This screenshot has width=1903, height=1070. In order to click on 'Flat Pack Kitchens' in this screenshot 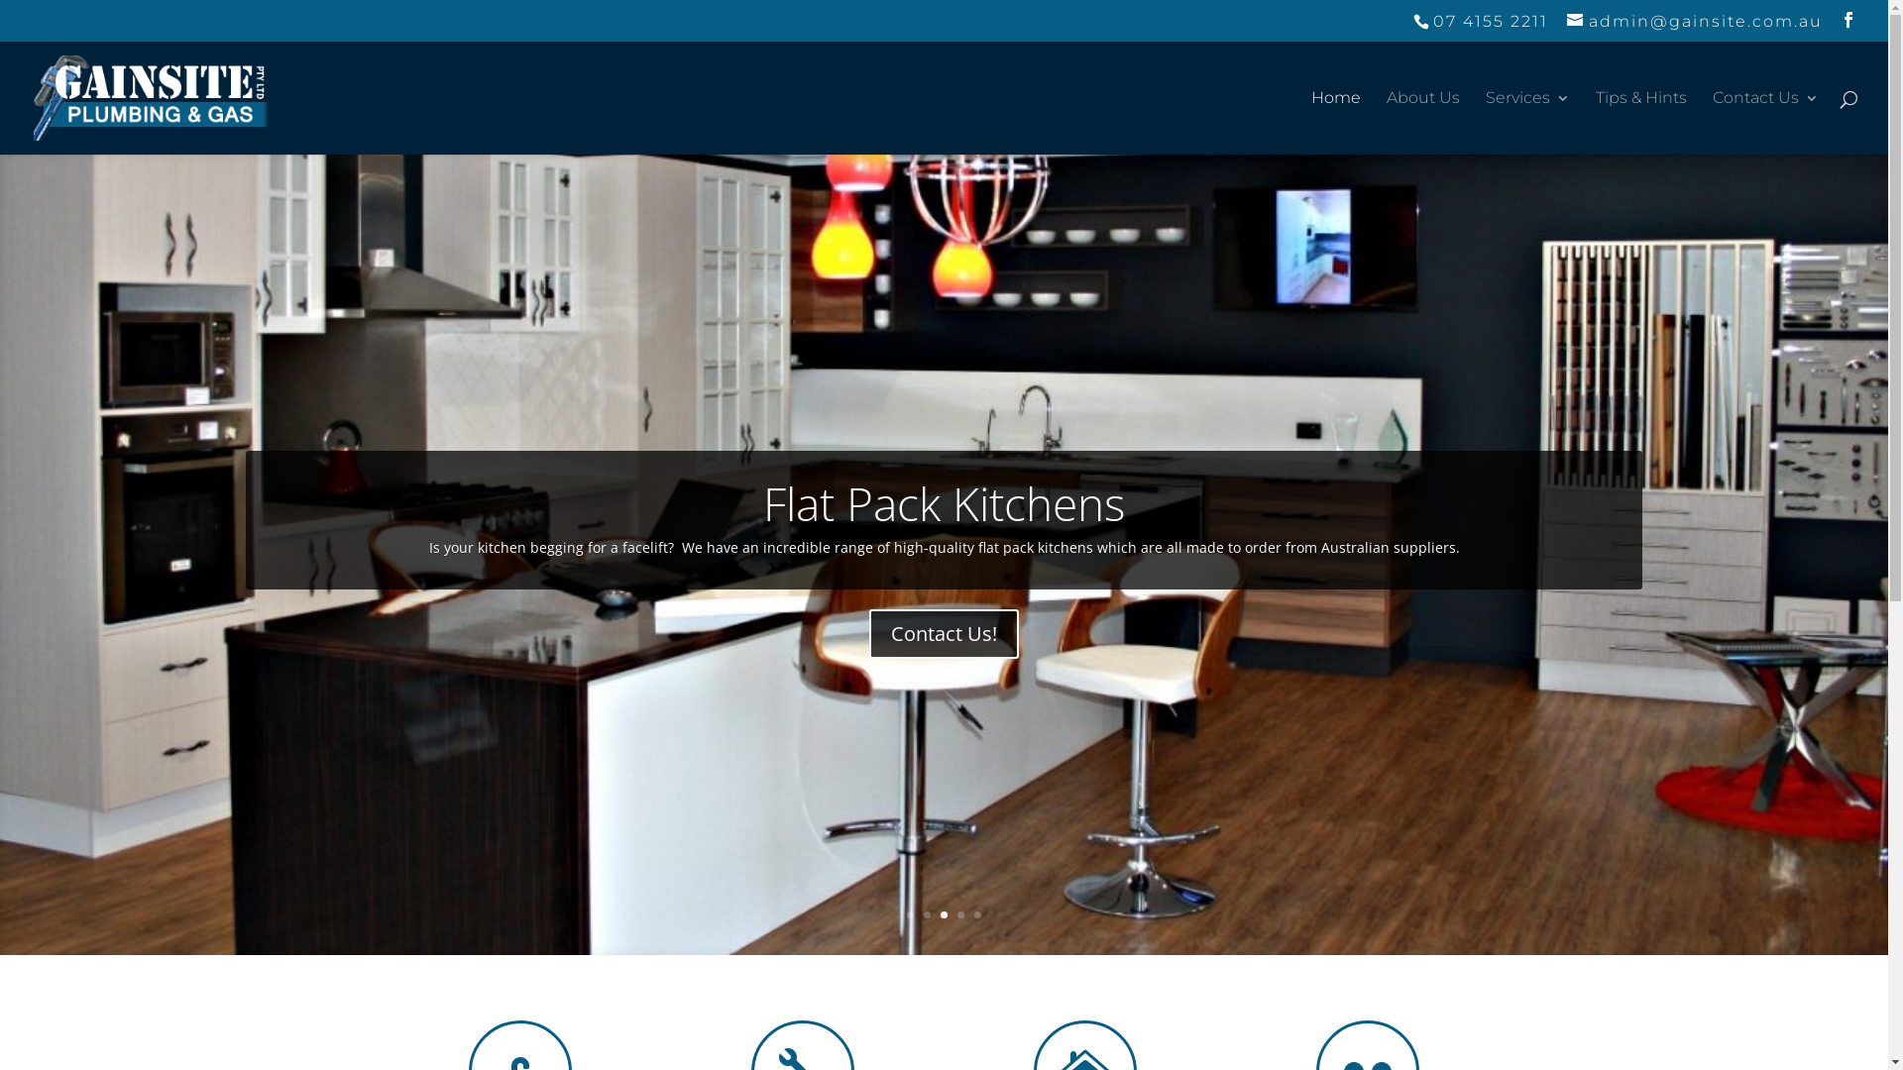, I will do `click(943, 502)`.